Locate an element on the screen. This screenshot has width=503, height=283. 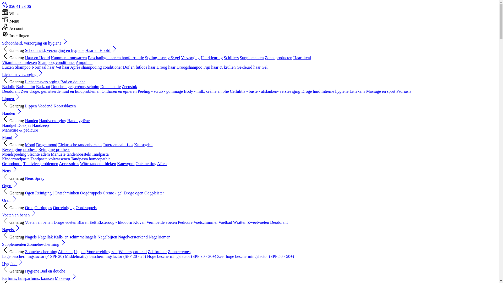
'Ogen' is located at coordinates (2, 185).